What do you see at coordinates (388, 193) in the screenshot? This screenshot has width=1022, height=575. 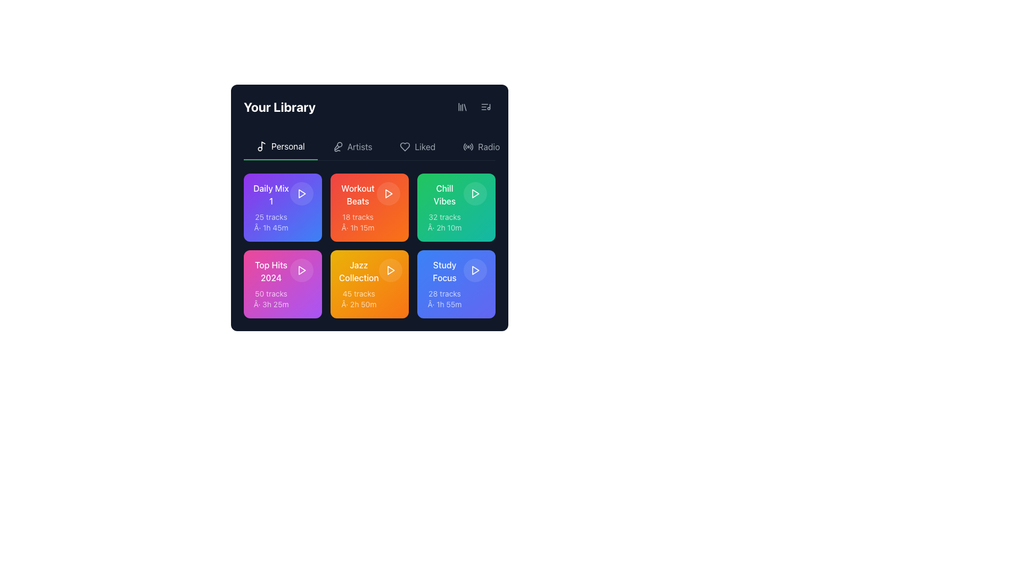 I see `the play button icon located in the second block from the left in the second row of the grid layout` at bounding box center [388, 193].